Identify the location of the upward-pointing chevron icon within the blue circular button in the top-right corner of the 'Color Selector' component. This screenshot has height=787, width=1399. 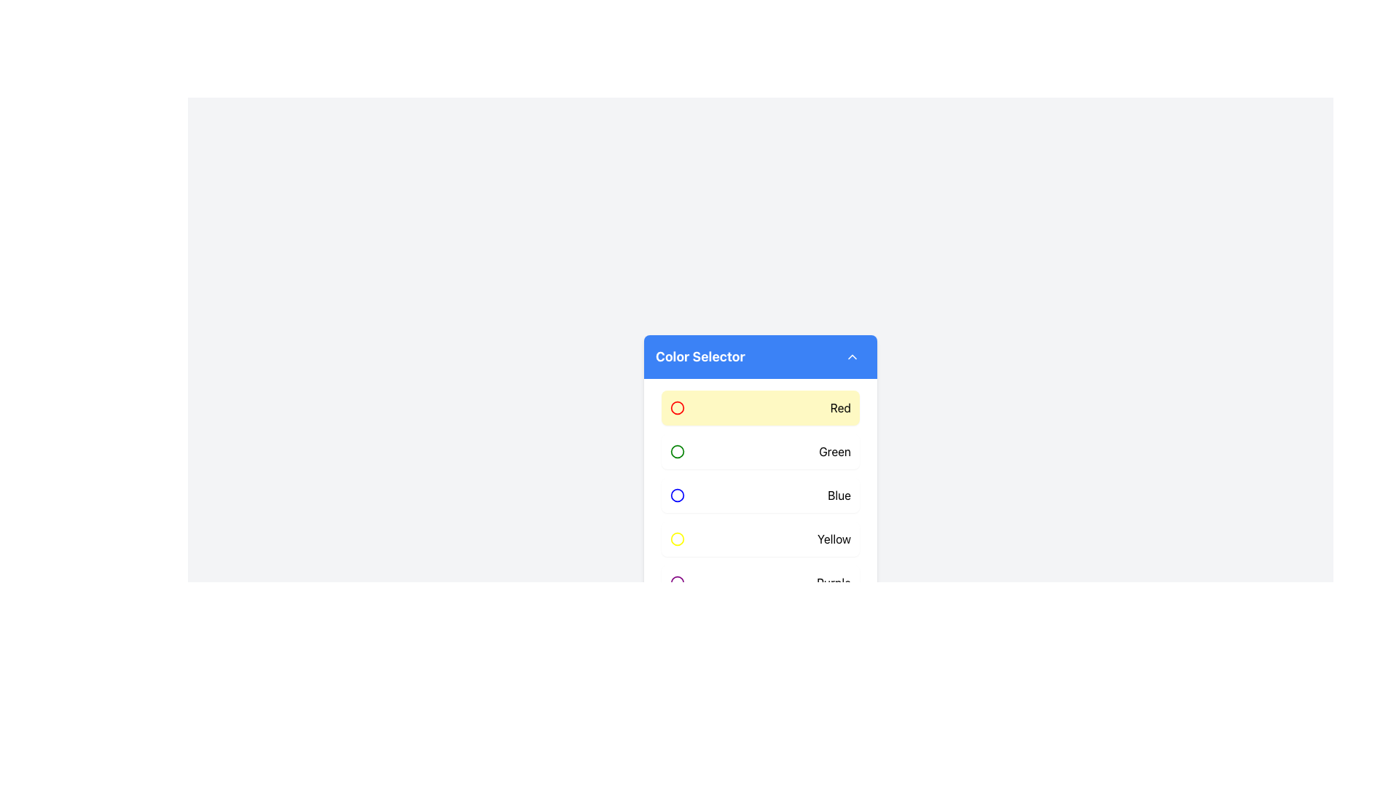
(853, 356).